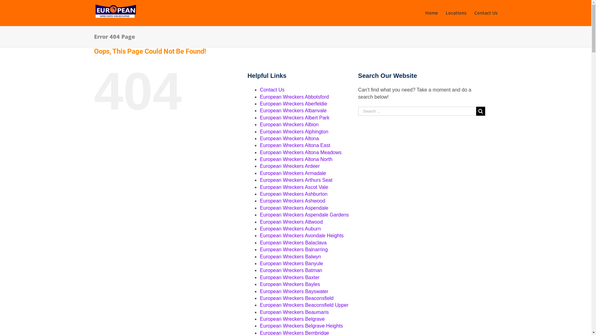 Image resolution: width=596 pixels, height=335 pixels. Describe the element at coordinates (292, 319) in the screenshot. I see `'European Wreckers Belgrave'` at that location.